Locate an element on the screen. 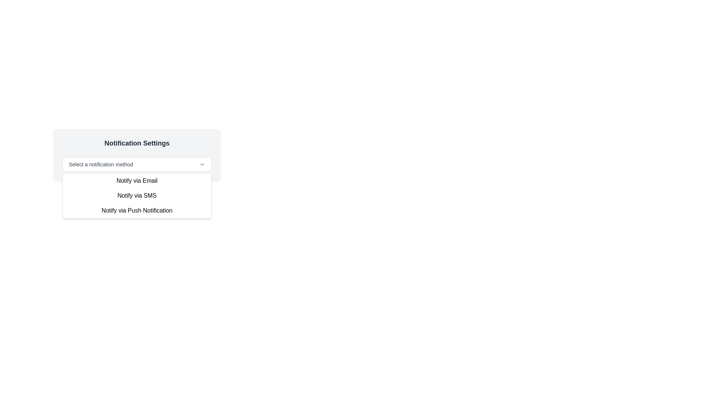 Image resolution: width=715 pixels, height=402 pixels. the 'Notify via SMS' button, the second option in the list of notification methods is located at coordinates (137, 195).